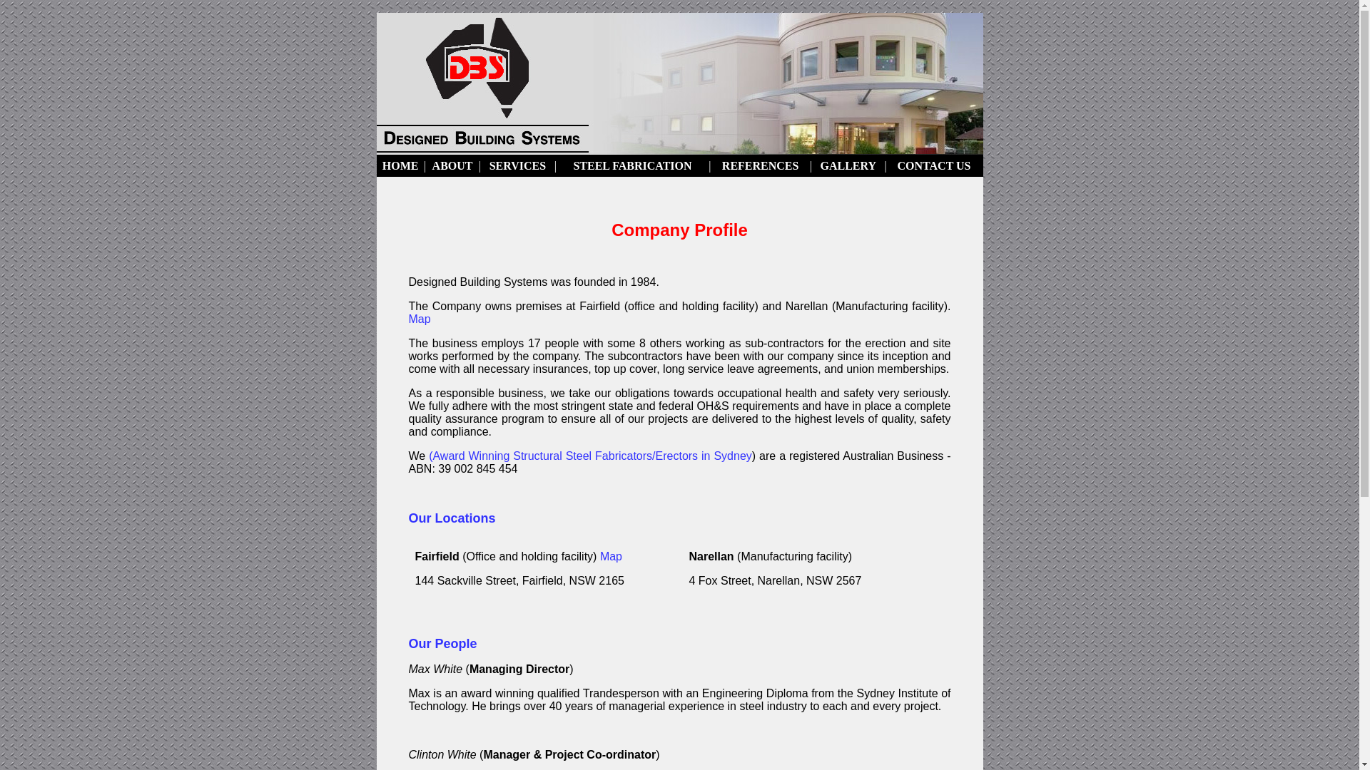  I want to click on 'SERVICES', so click(517, 165).